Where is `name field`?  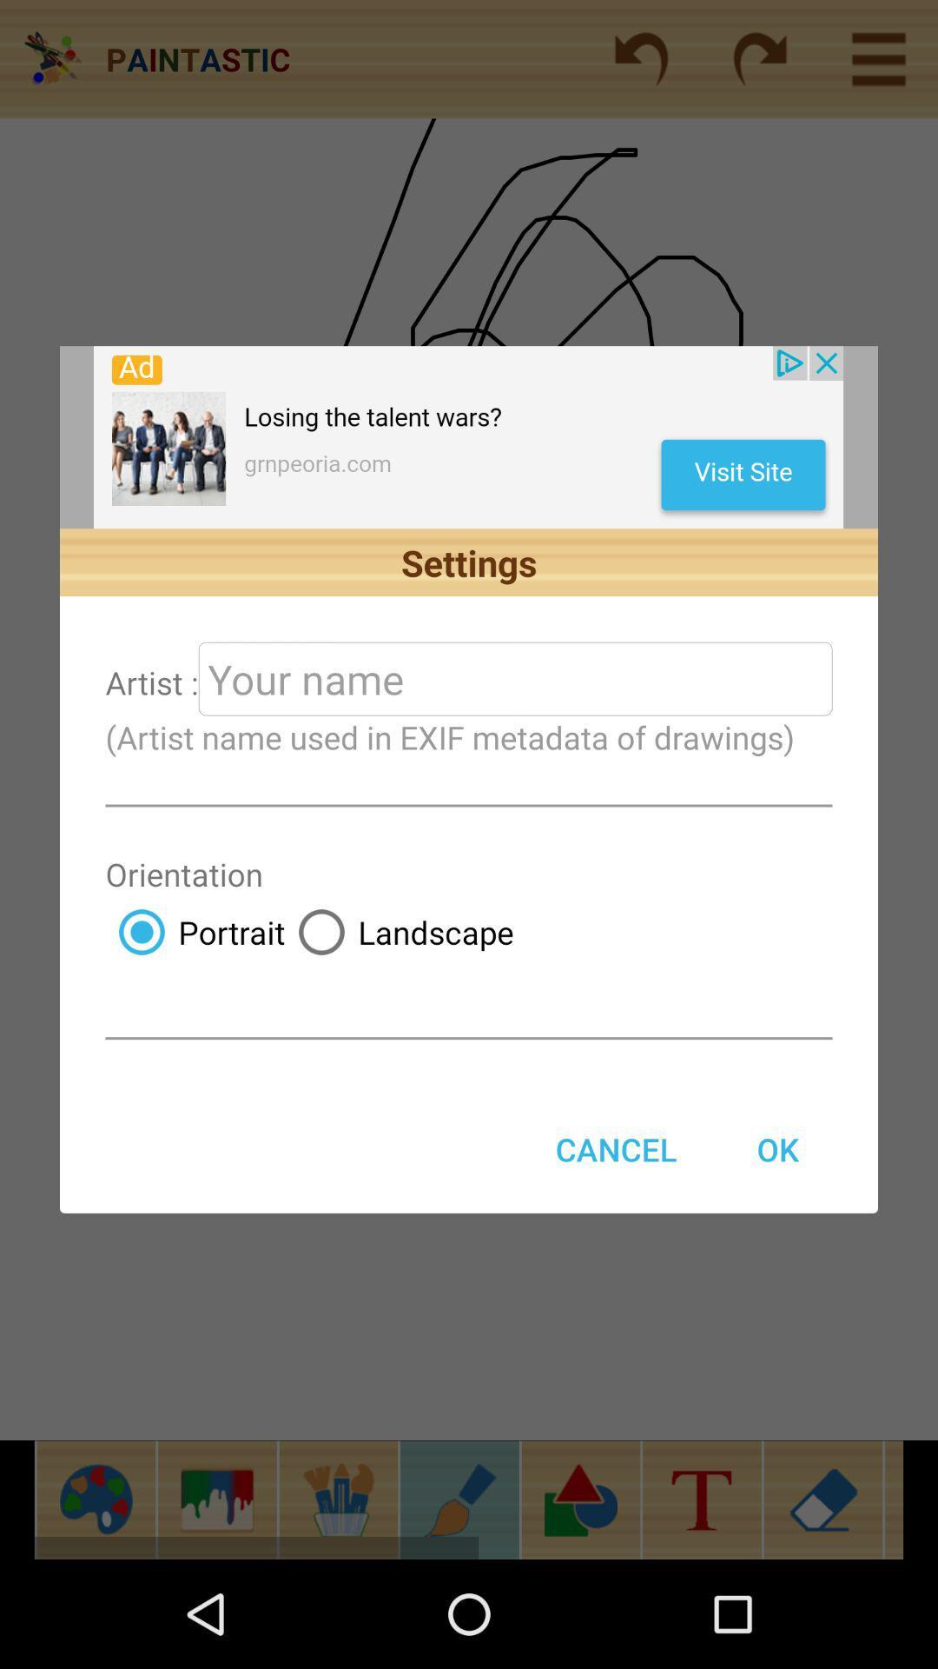 name field is located at coordinates (514, 678).